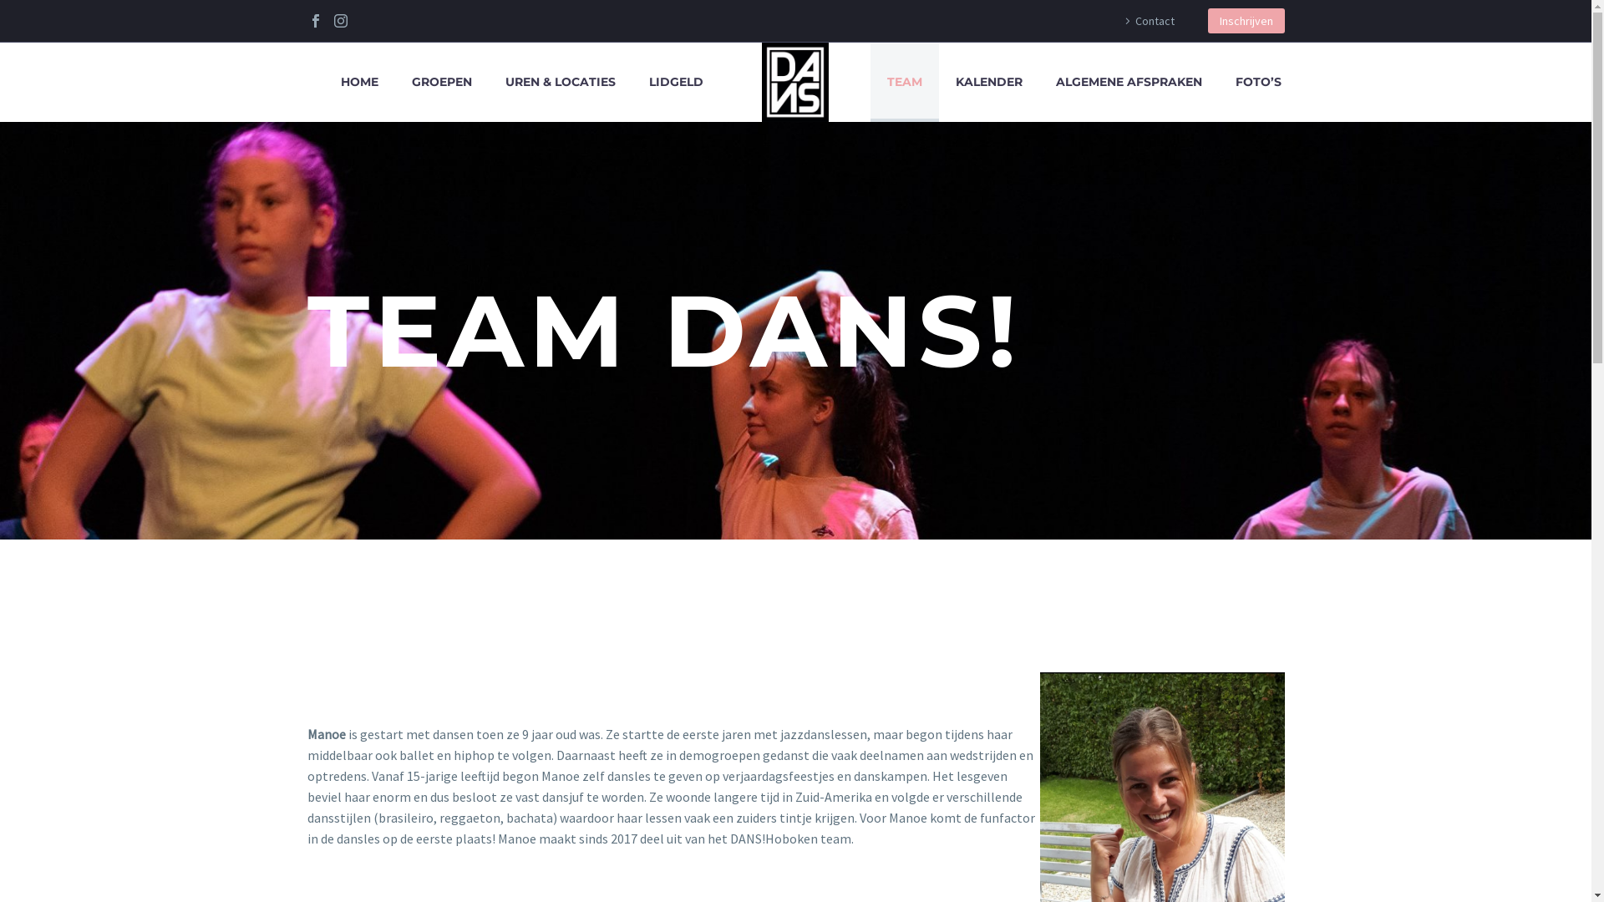 Image resolution: width=1604 pixels, height=902 pixels. Describe the element at coordinates (904, 82) in the screenshot. I see `'TEAM'` at that location.